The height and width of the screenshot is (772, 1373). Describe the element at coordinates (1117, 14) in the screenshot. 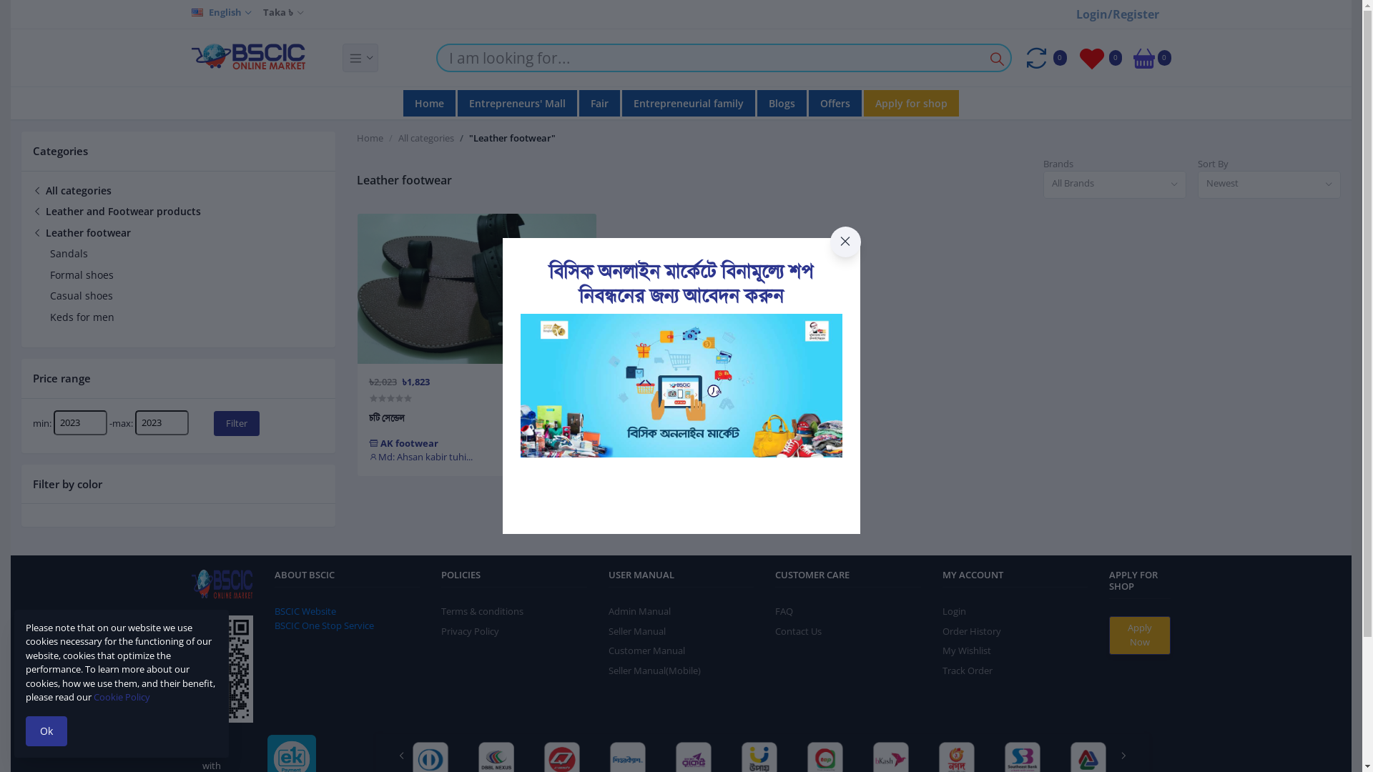

I see `'Login/Register'` at that location.